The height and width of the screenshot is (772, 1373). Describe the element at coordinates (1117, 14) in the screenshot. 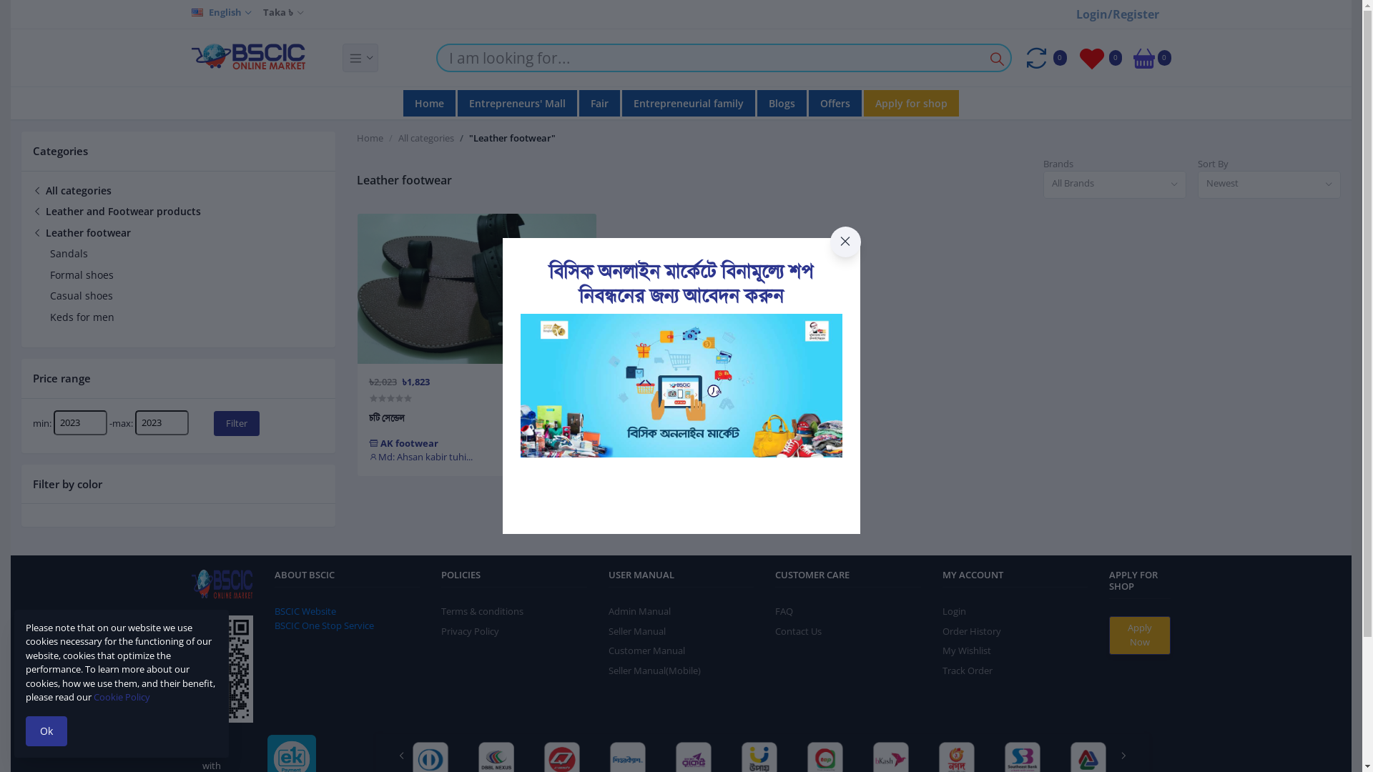

I see `'Login/Register'` at that location.